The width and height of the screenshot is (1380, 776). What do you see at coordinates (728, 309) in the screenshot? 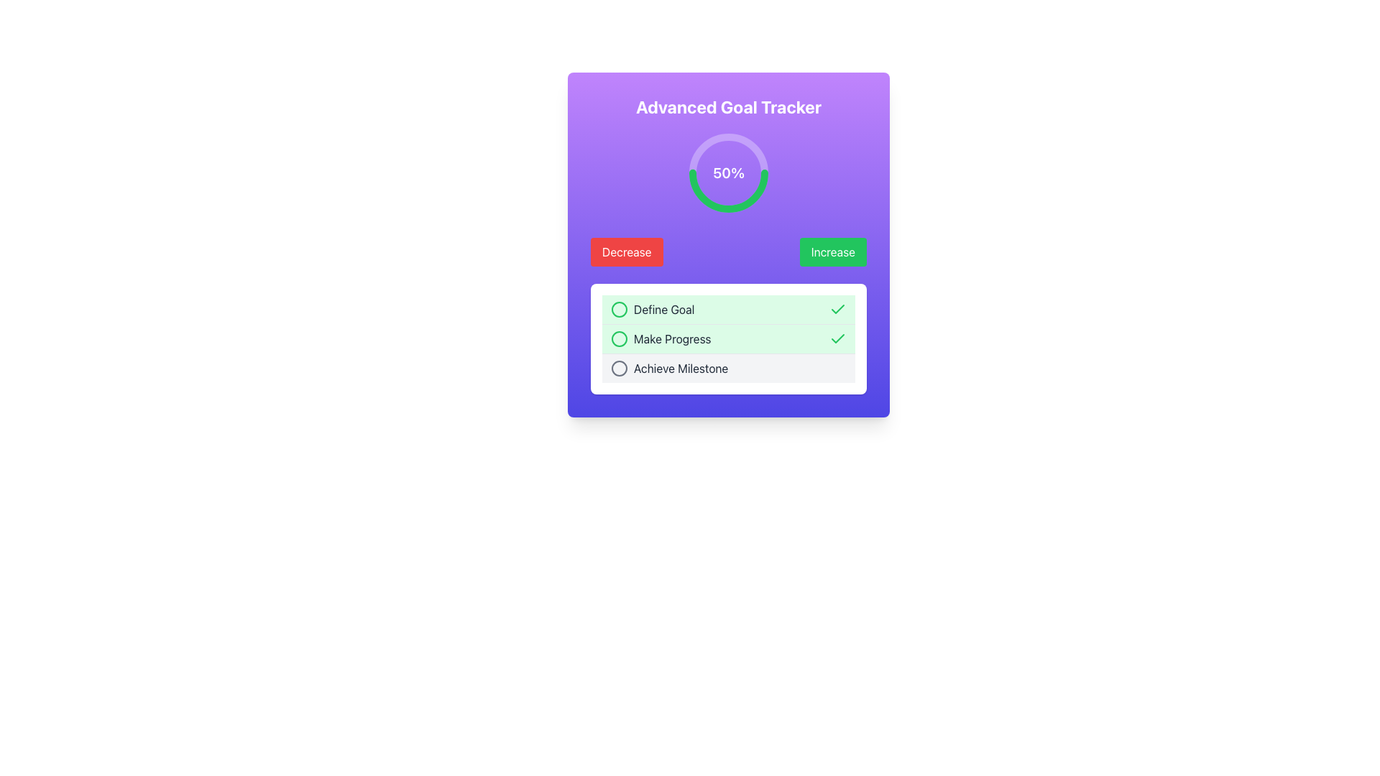
I see `the first task item labeled 'Define Goal', which visually indicates its completion with a green circle and checkmark` at bounding box center [728, 309].